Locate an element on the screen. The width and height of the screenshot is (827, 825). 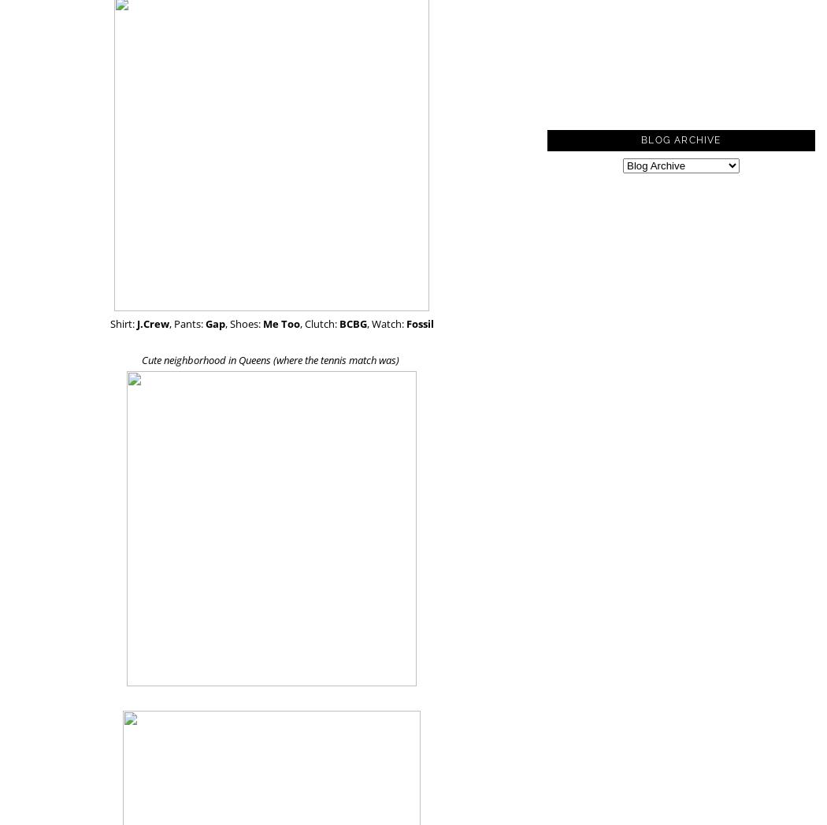
'J.Crew' is located at coordinates (151, 323).